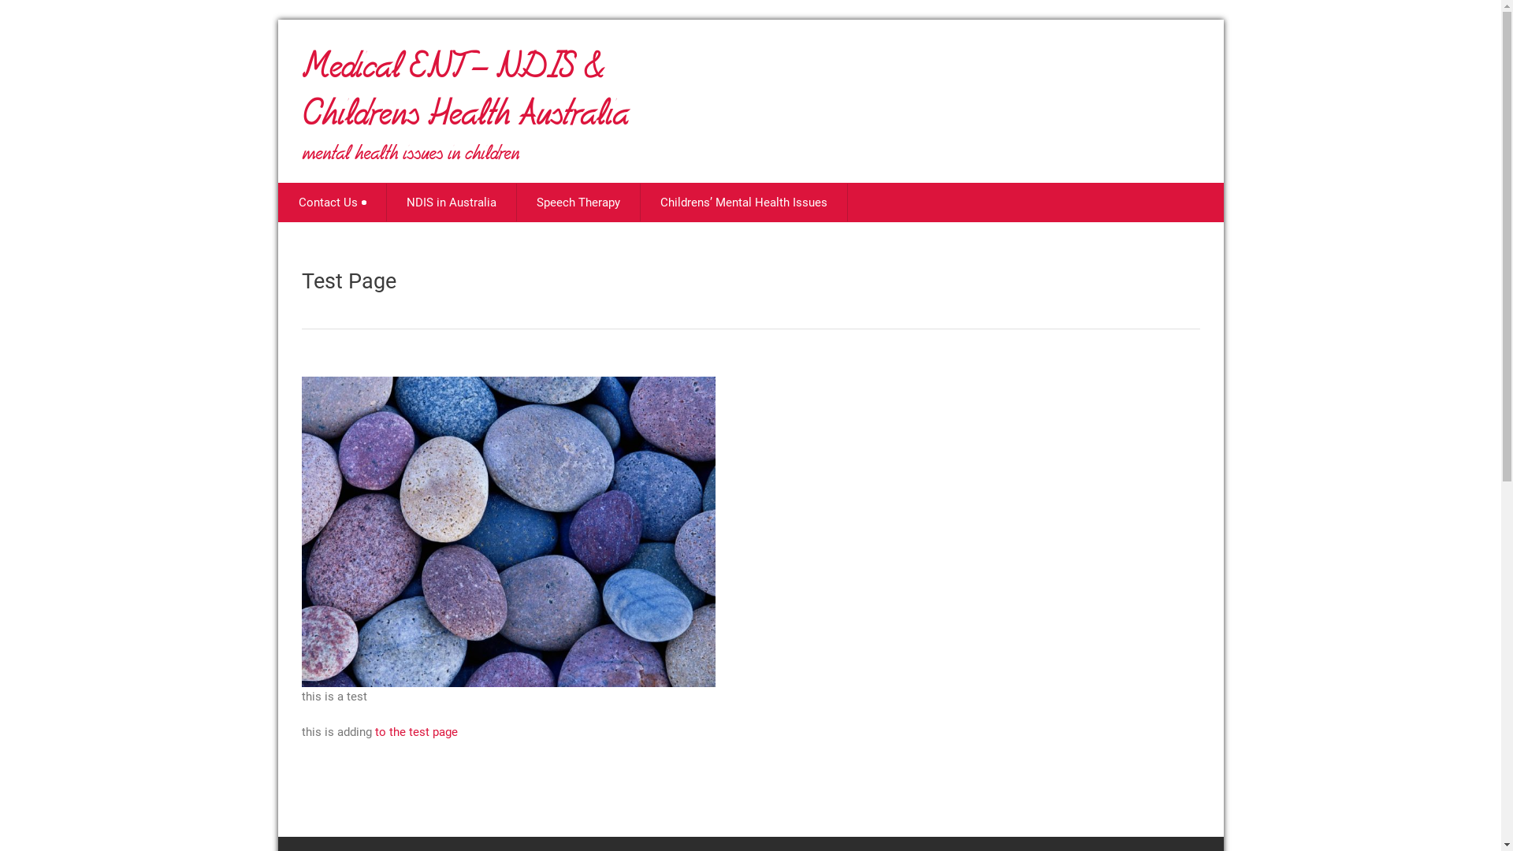 The height and width of the screenshot is (851, 1513). I want to click on 'NDIS in Australia', so click(450, 202).